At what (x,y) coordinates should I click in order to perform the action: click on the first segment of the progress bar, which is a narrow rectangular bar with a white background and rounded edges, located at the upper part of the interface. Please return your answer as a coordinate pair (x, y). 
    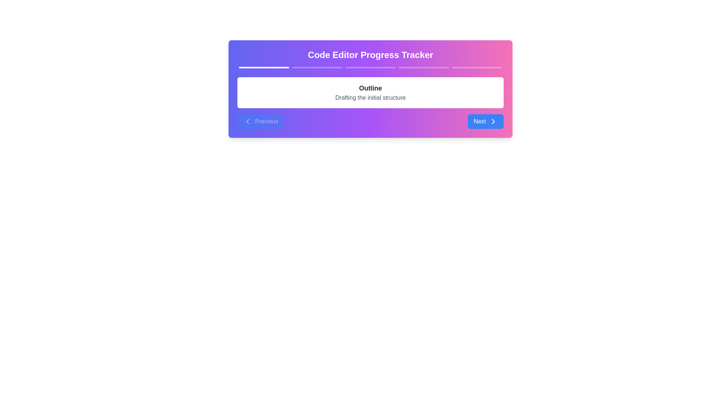
    Looking at the image, I should click on (264, 67).